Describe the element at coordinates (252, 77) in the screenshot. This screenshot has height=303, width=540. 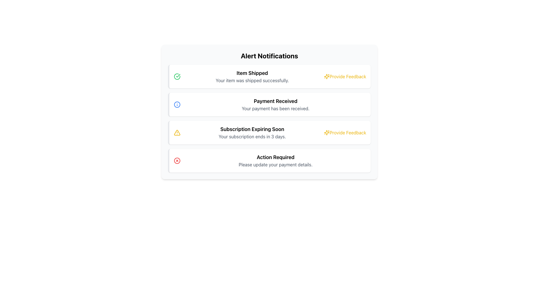
I see `the text display element showing 'Item Shipped' and 'Your item was shipped successfully.' in the first notification card below 'Alert Notifications'` at that location.